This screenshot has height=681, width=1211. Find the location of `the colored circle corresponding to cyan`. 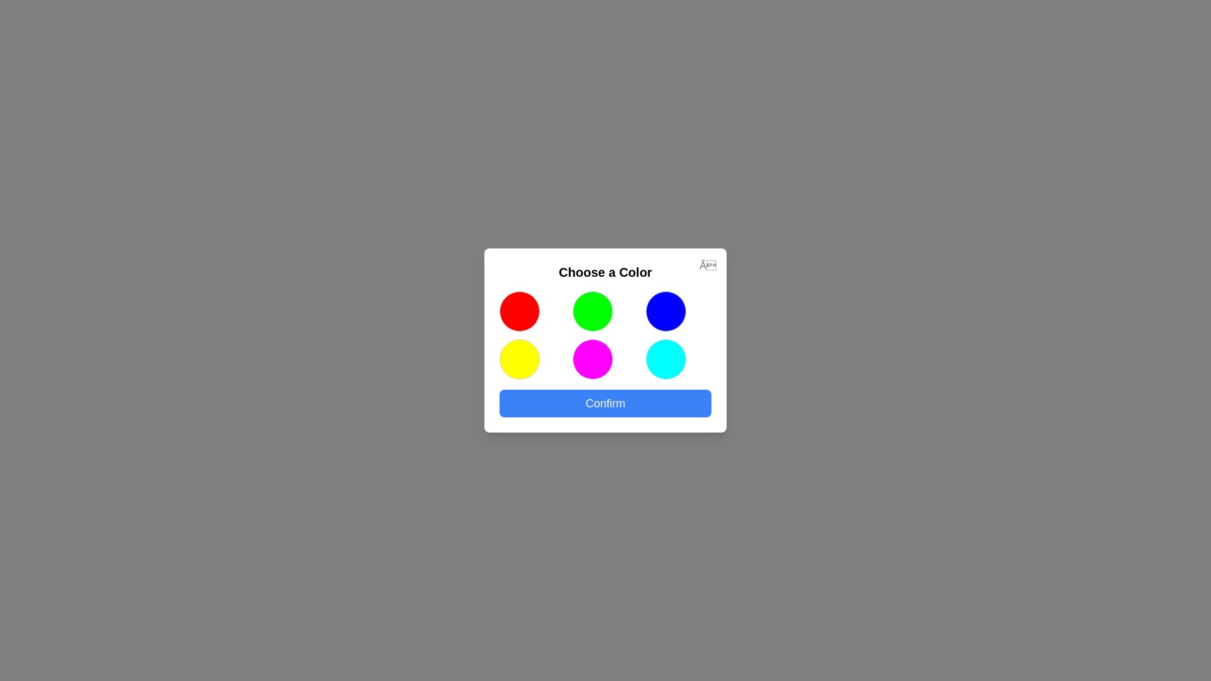

the colored circle corresponding to cyan is located at coordinates (665, 359).